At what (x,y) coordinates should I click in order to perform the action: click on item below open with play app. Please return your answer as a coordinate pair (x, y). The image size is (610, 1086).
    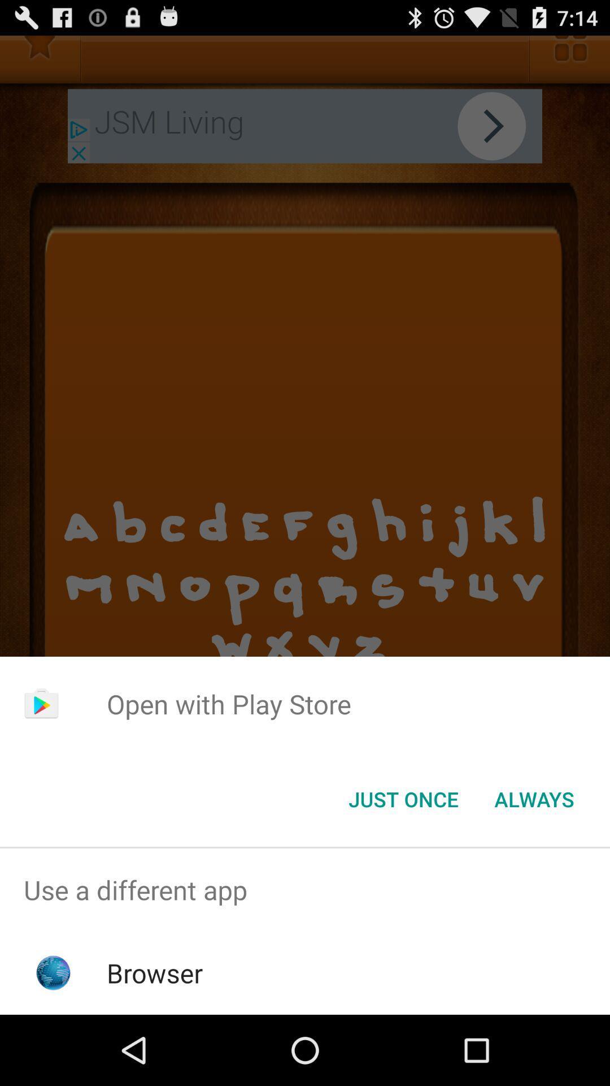
    Looking at the image, I should click on (534, 798).